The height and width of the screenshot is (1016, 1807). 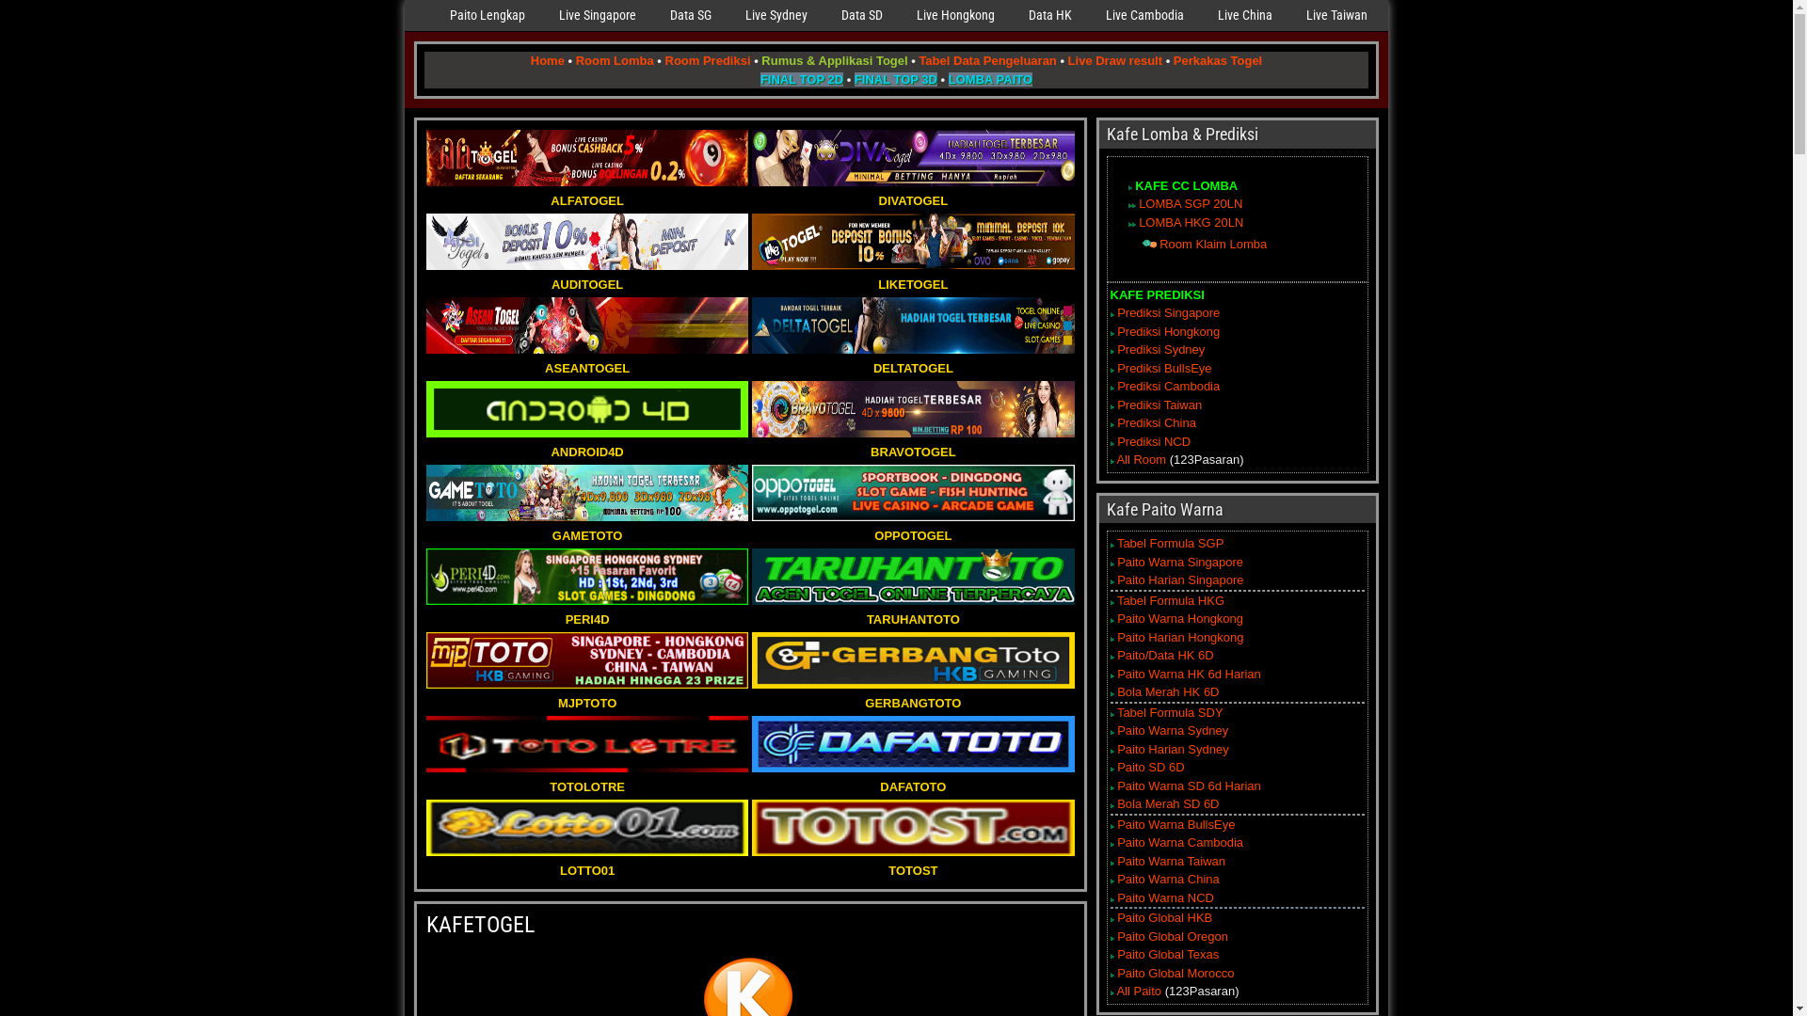 What do you see at coordinates (1167, 385) in the screenshot?
I see `'Prediksi Cambodia'` at bounding box center [1167, 385].